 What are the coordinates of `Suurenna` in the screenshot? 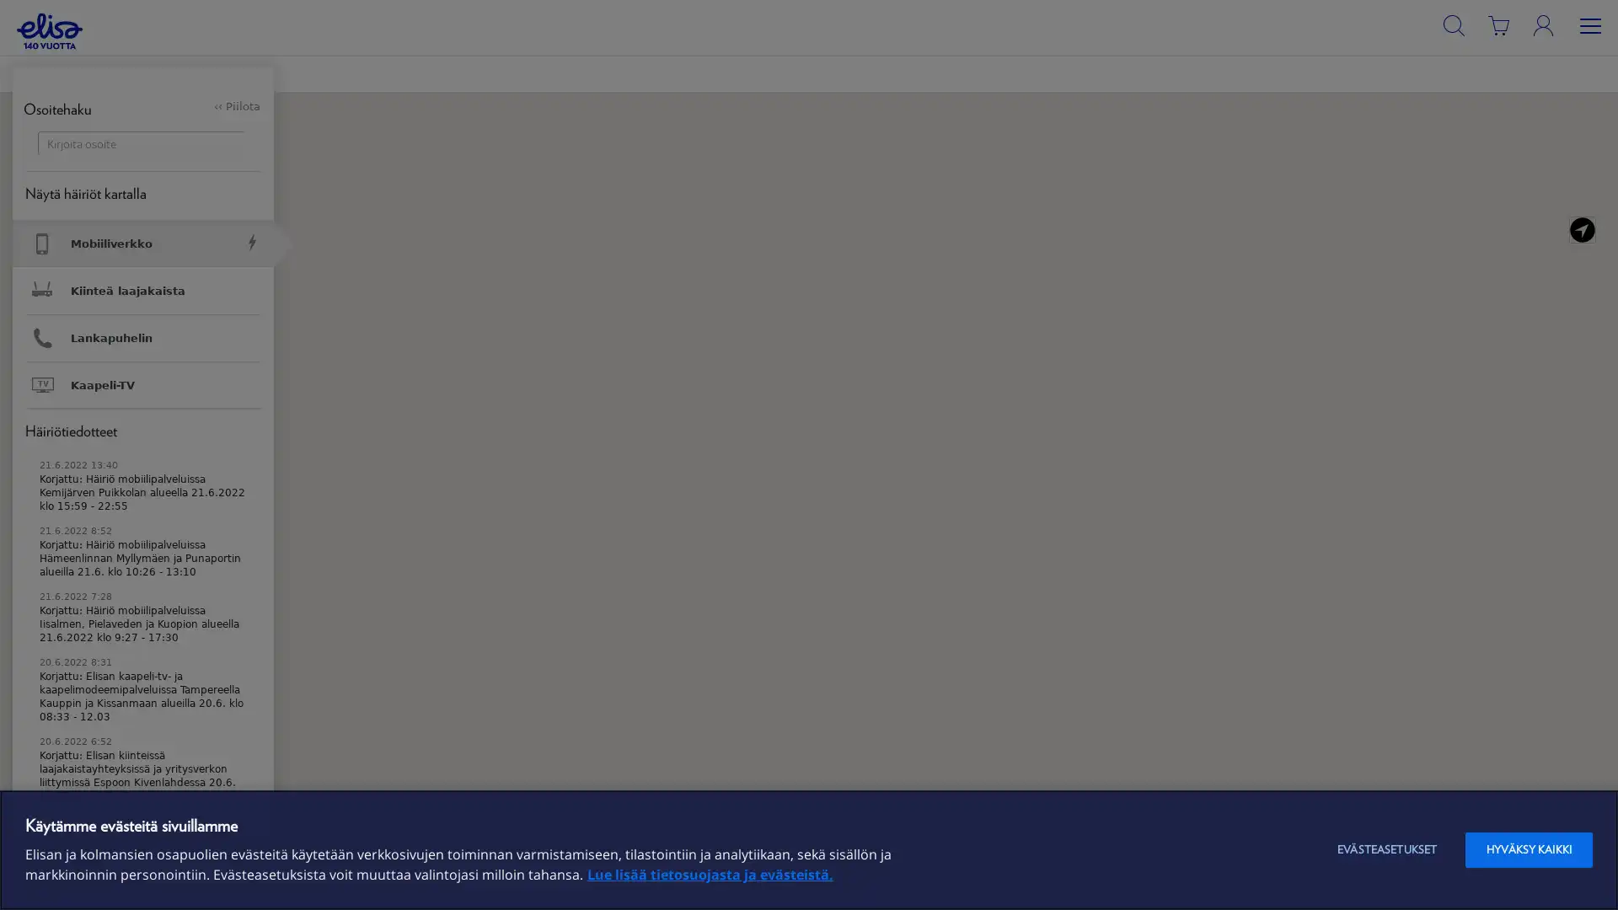 It's located at (1592, 115).